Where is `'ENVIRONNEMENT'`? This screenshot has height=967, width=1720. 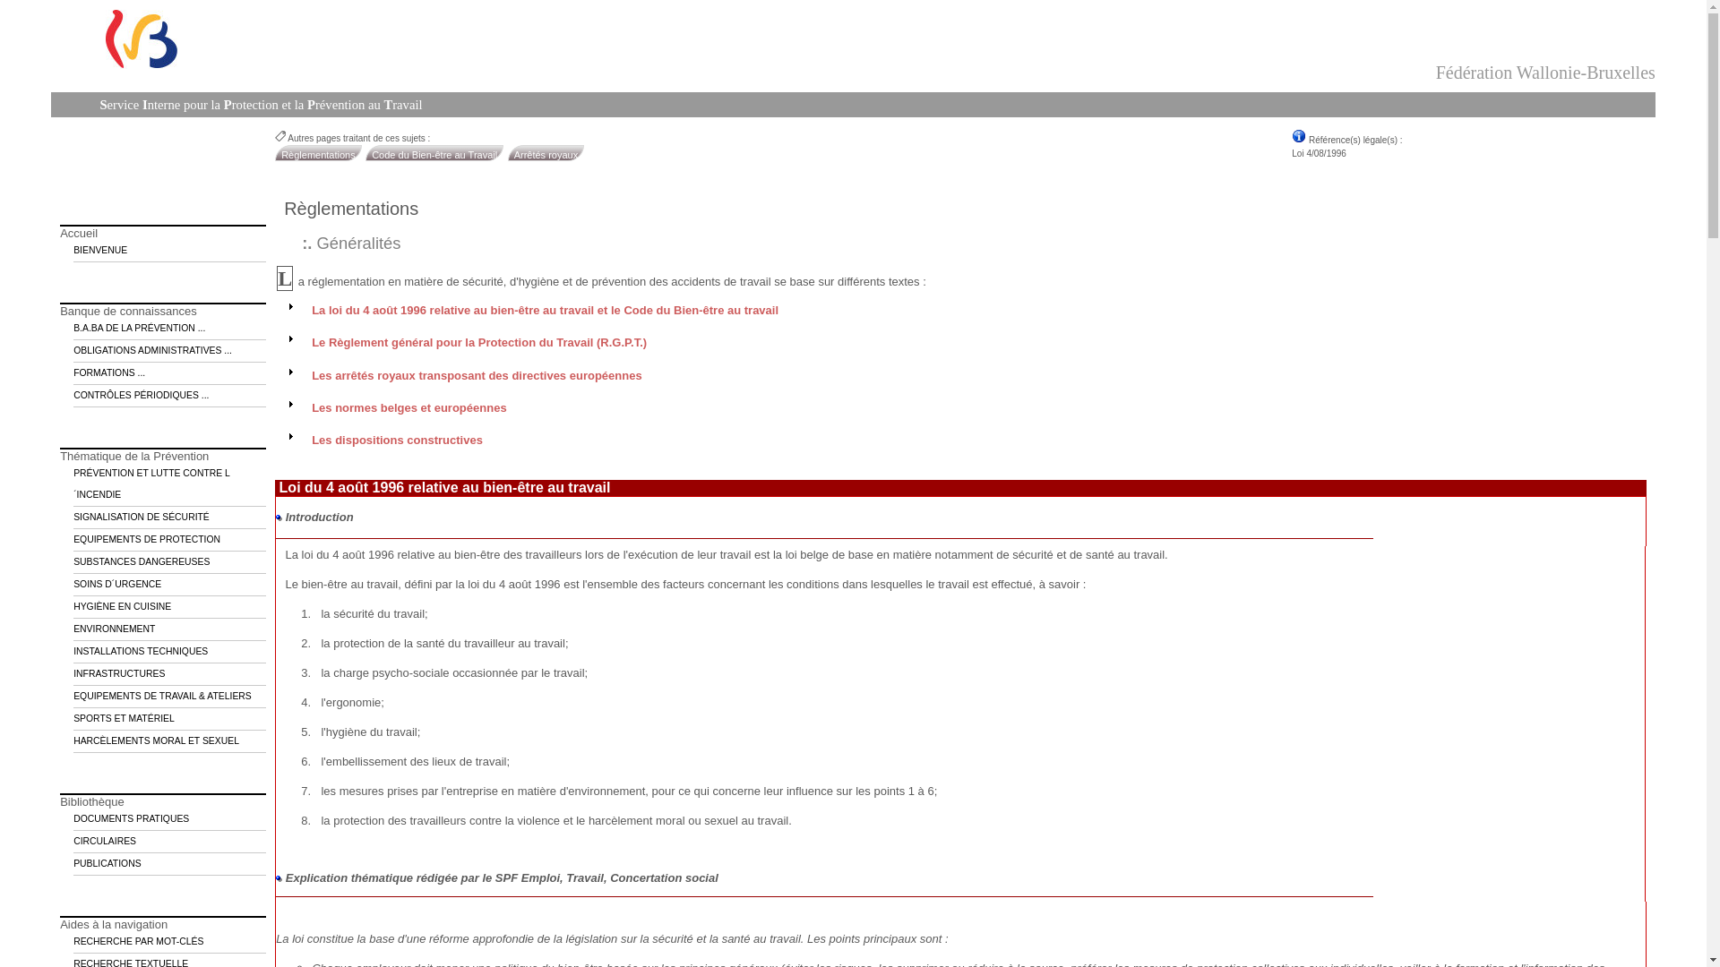 'ENVIRONNEMENT' is located at coordinates (72, 629).